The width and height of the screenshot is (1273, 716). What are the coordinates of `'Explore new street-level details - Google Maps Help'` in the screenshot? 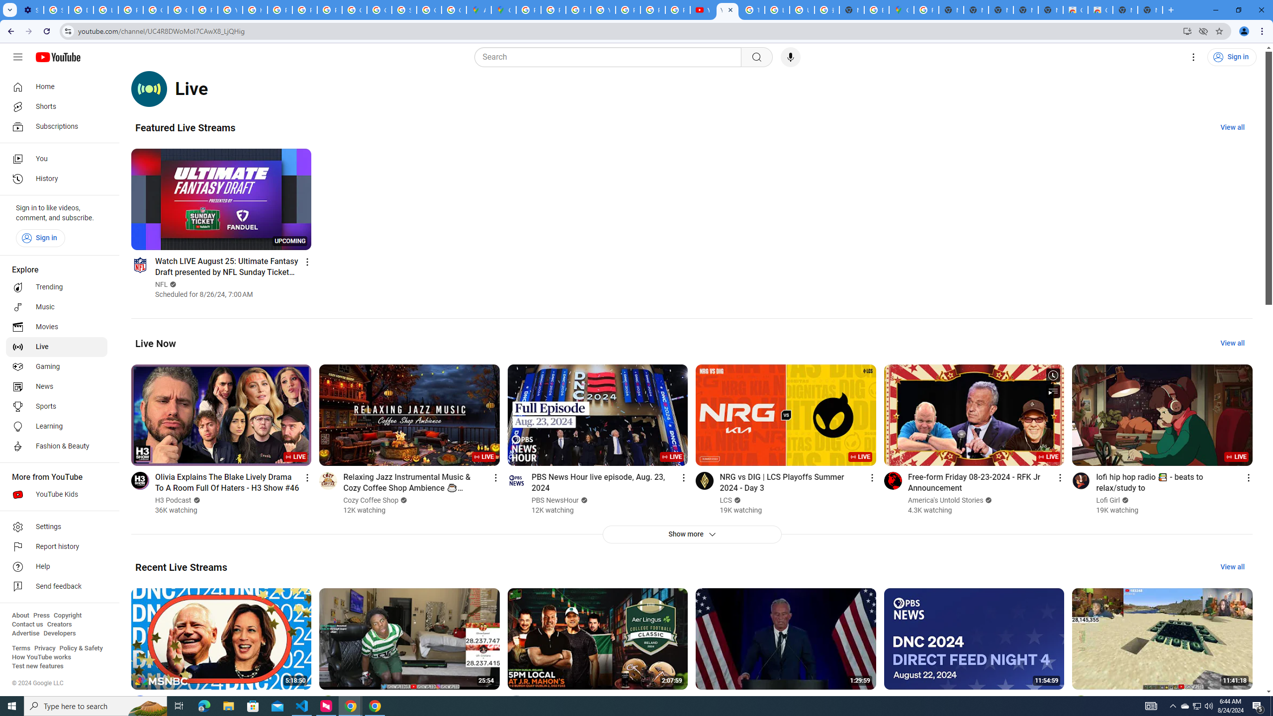 It's located at (876, 9).